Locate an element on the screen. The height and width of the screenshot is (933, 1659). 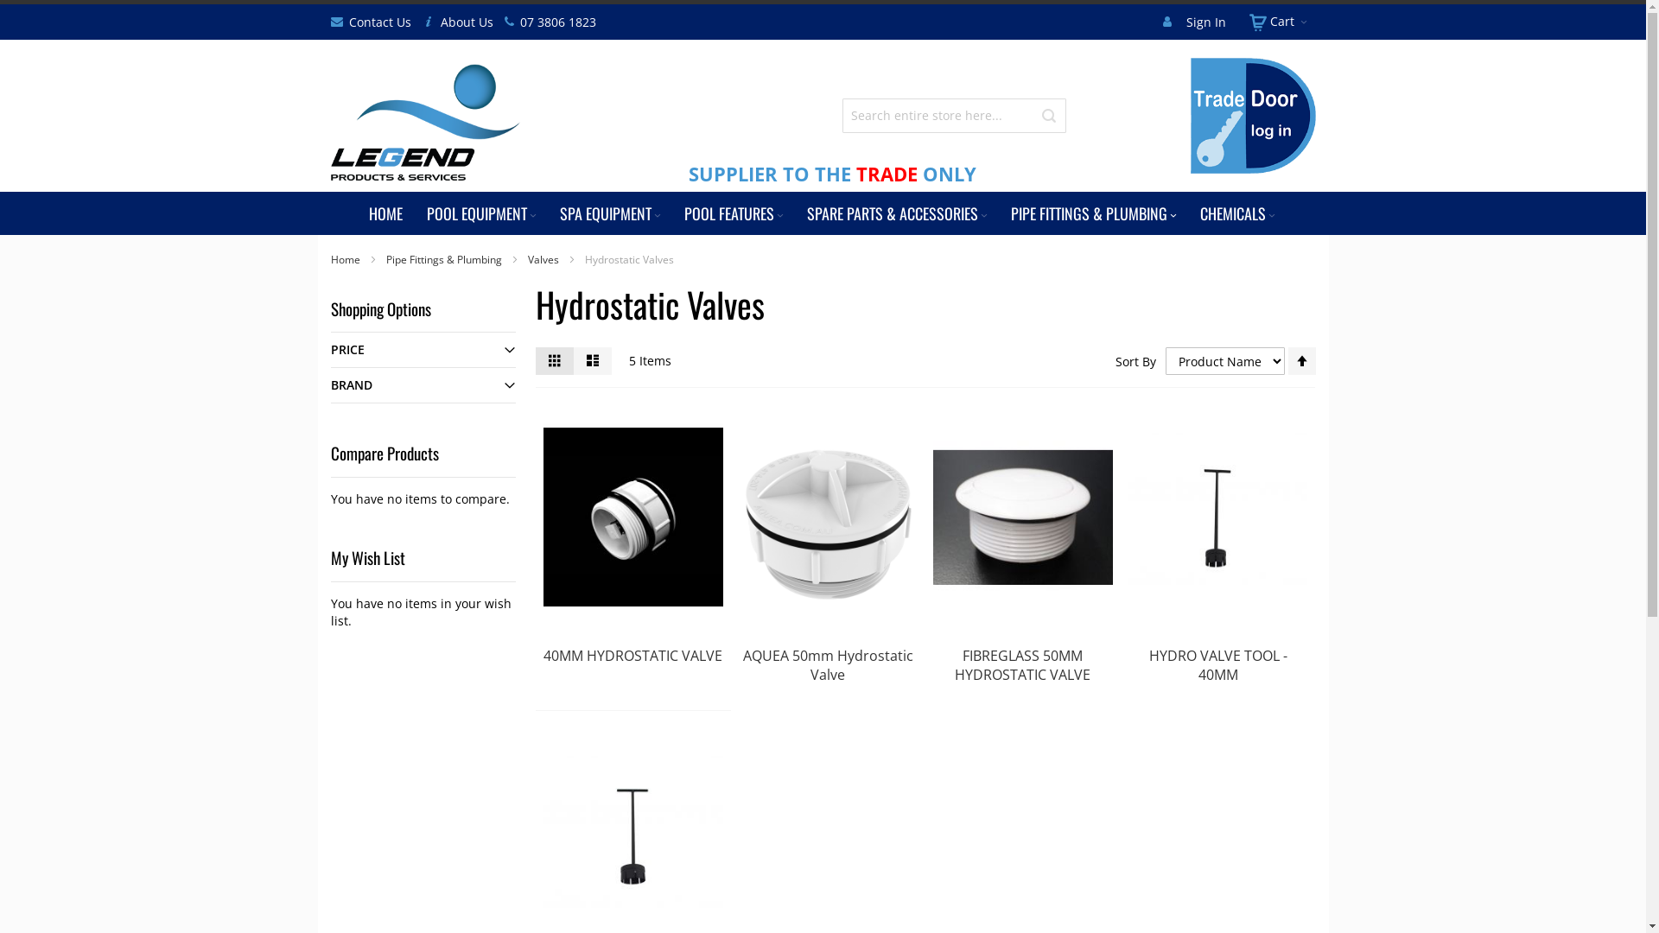
'Contact Us' is located at coordinates (378, 22).